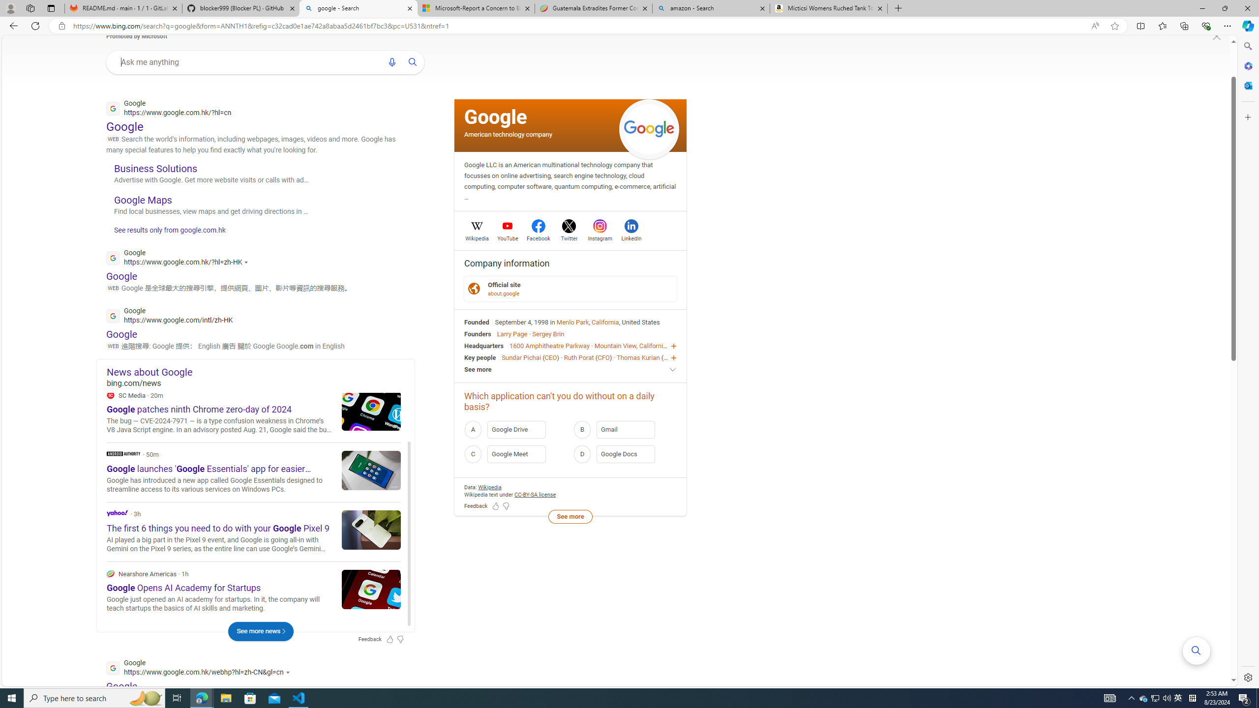 This screenshot has width=1259, height=708. What do you see at coordinates (110, 573) in the screenshot?
I see `'Nearshore Americas'` at bounding box center [110, 573].